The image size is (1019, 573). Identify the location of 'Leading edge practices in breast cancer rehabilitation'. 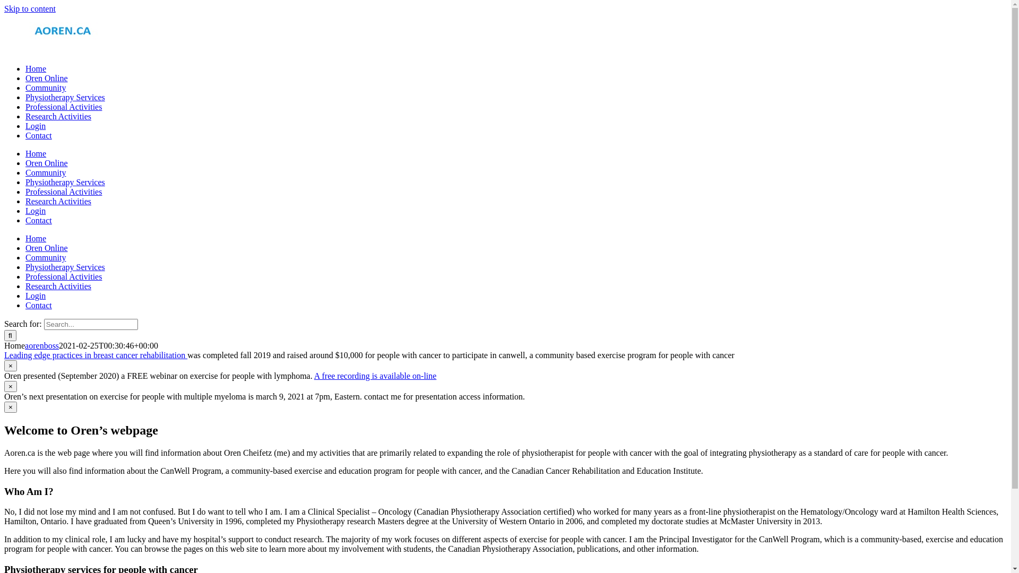
(96, 355).